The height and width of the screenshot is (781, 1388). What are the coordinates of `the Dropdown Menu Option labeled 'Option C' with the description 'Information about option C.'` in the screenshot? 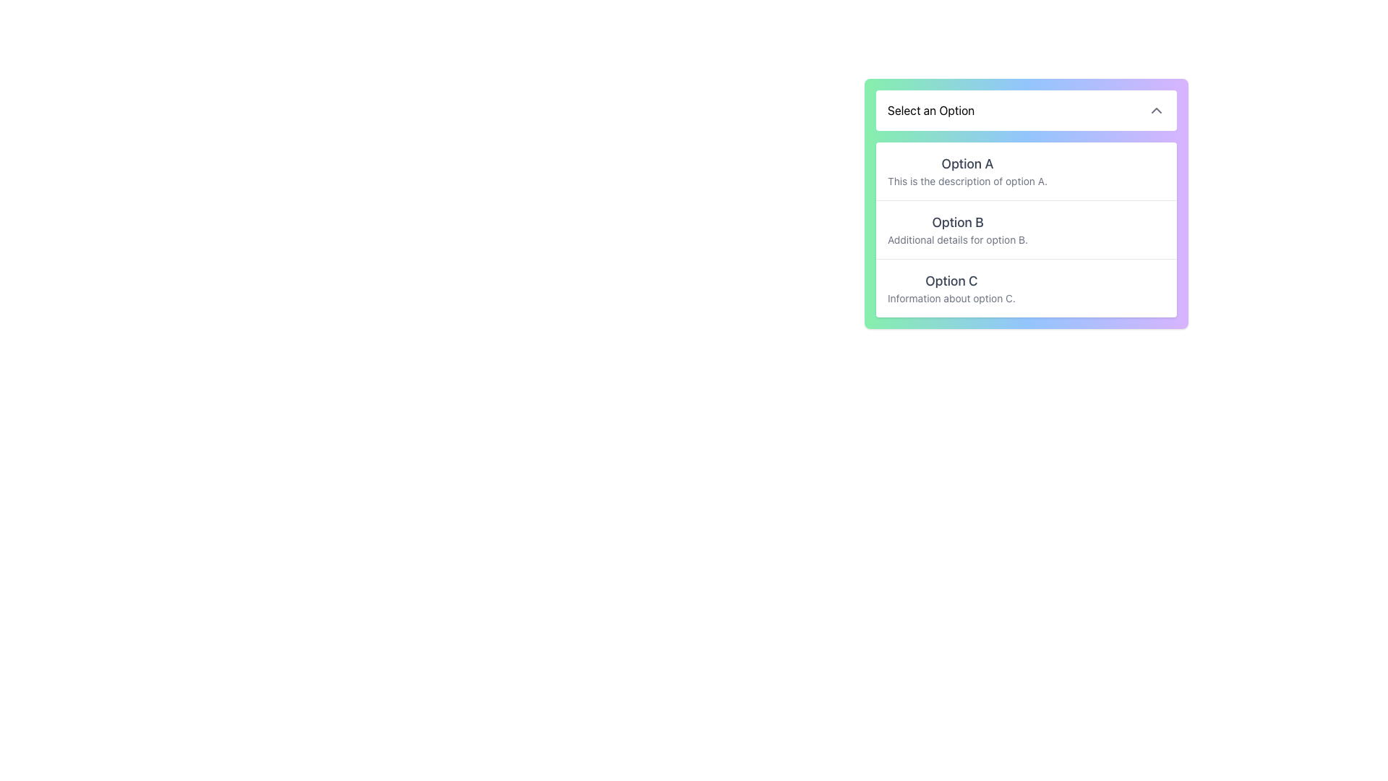 It's located at (951, 288).